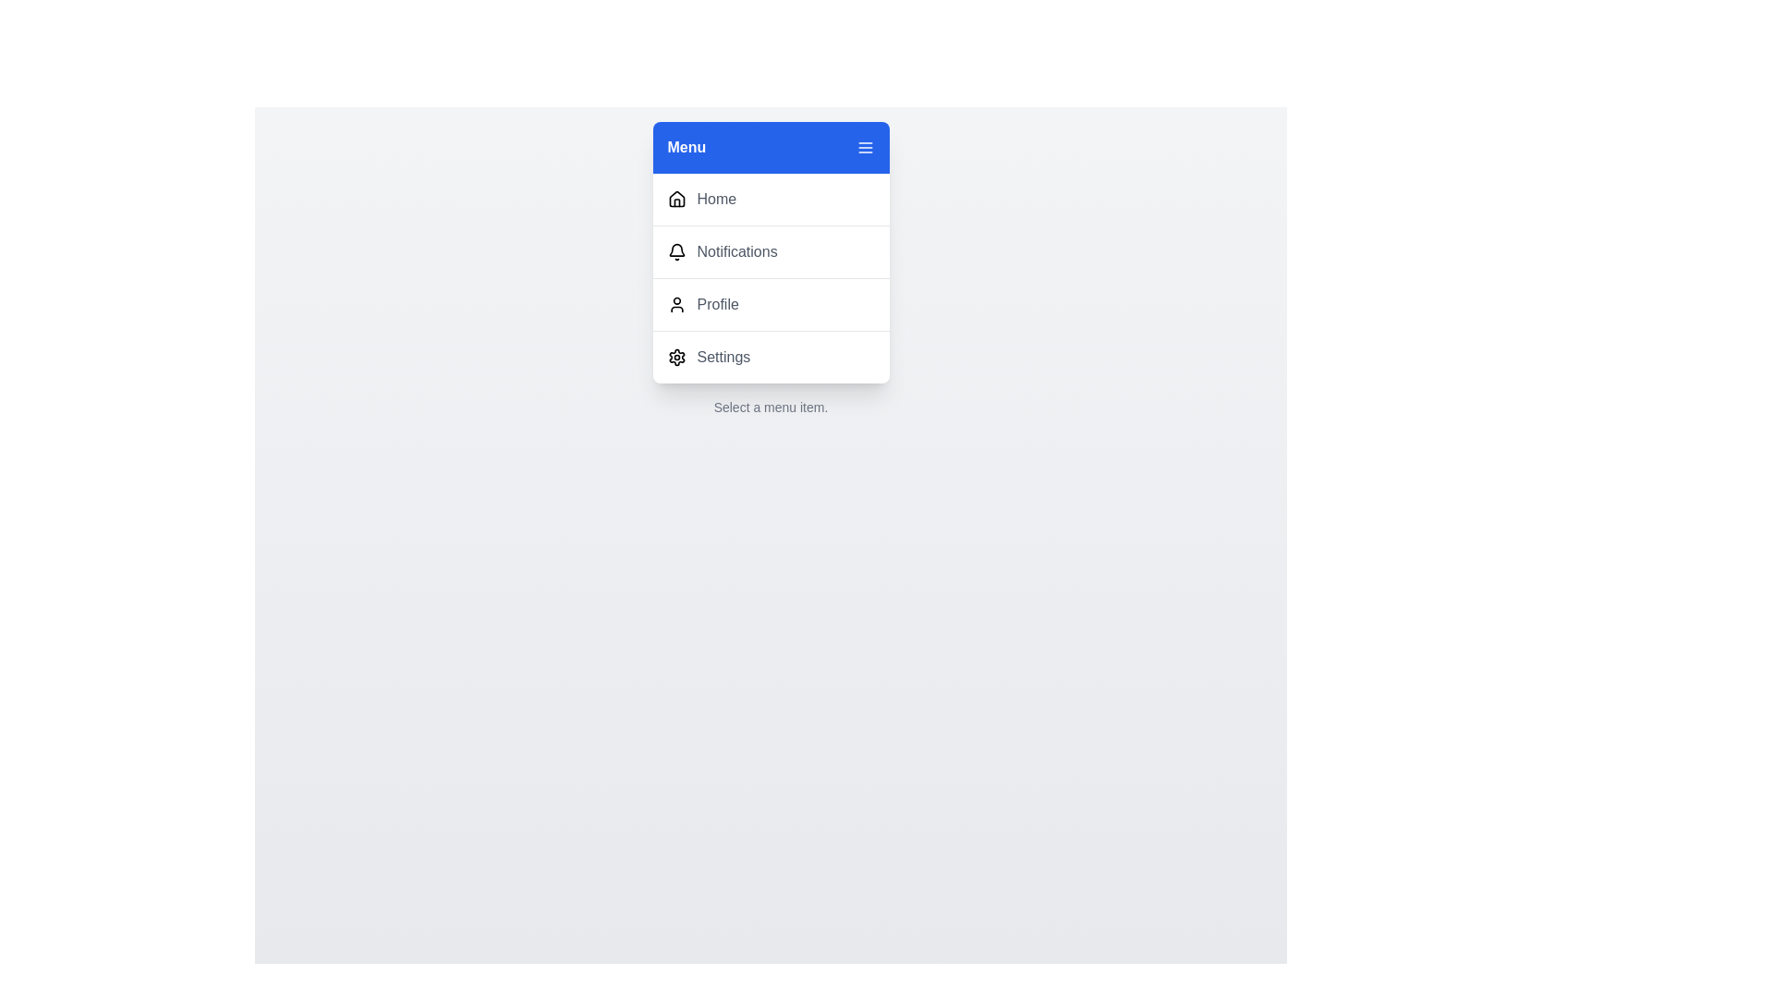 This screenshot has height=998, width=1774. What do you see at coordinates (771, 200) in the screenshot?
I see `the menu item Home from the menu` at bounding box center [771, 200].